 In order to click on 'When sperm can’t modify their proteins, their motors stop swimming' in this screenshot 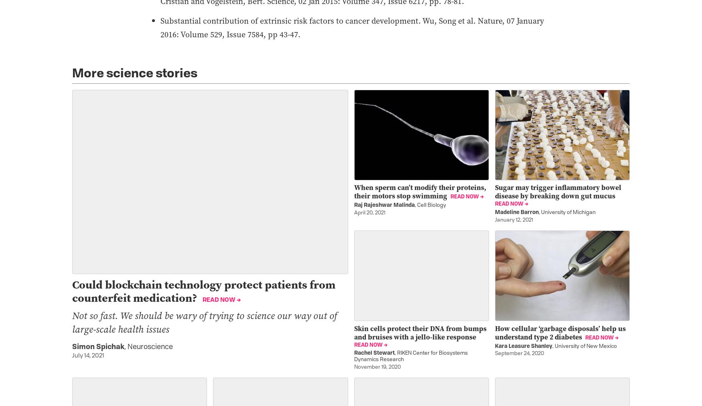, I will do `click(353, 191)`.